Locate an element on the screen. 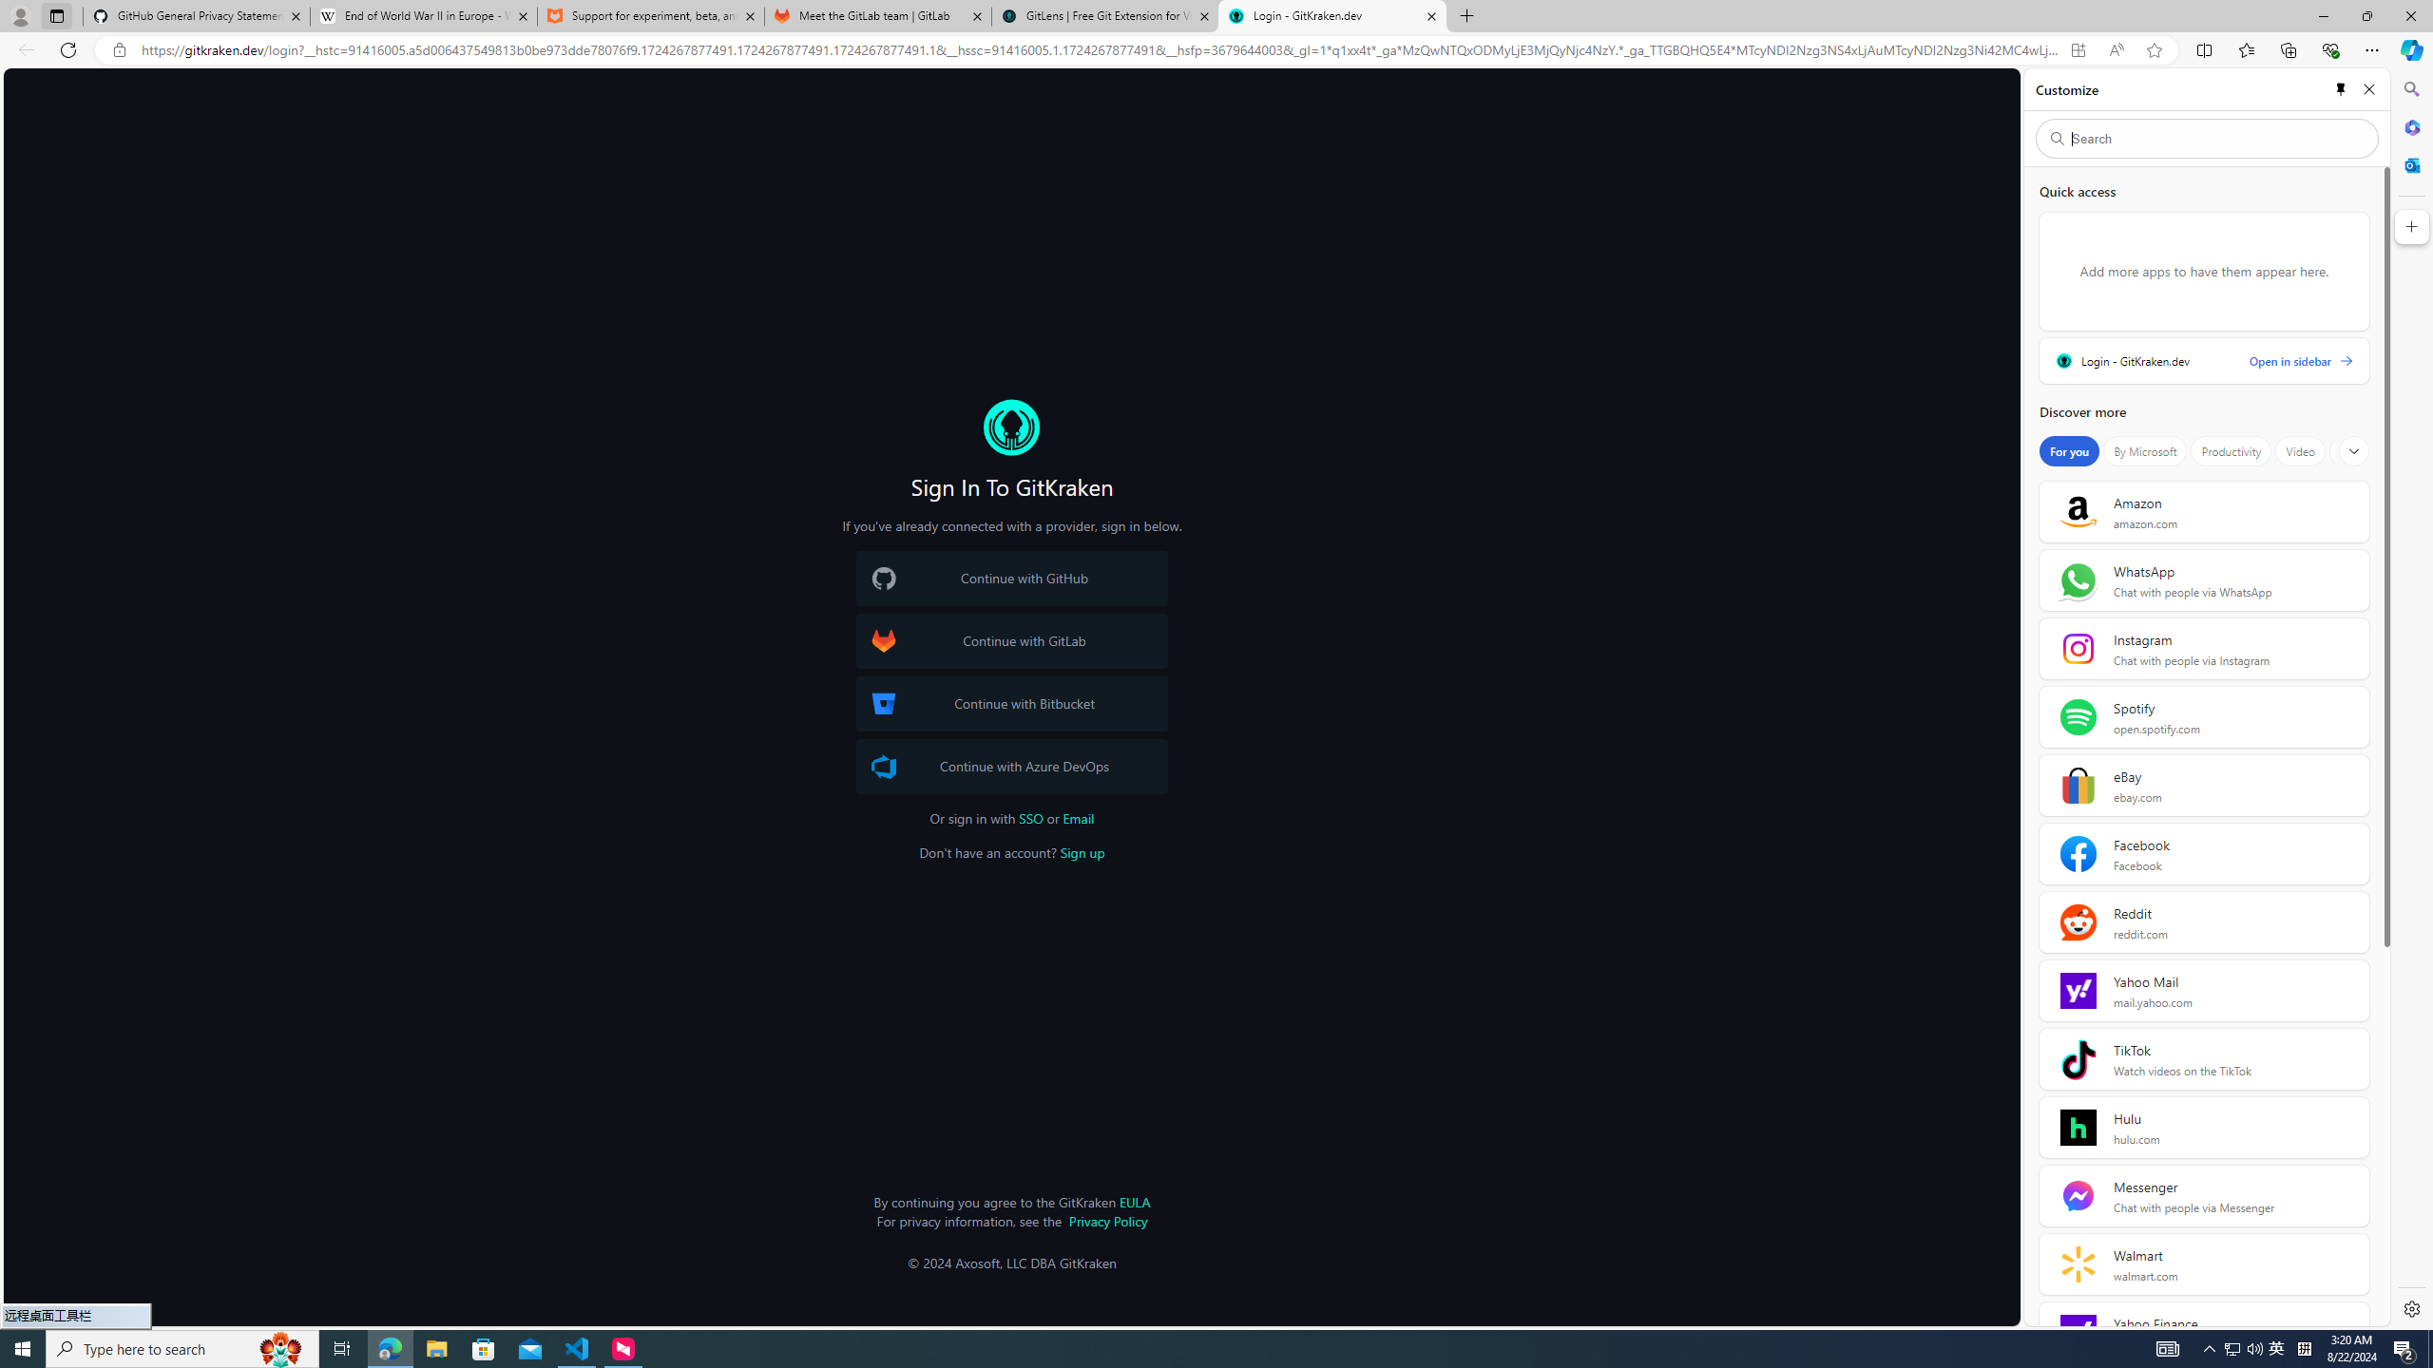 The height and width of the screenshot is (1368, 2433). 'GitHub General Privacy Statement - GitHub Docs' is located at coordinates (197, 15).